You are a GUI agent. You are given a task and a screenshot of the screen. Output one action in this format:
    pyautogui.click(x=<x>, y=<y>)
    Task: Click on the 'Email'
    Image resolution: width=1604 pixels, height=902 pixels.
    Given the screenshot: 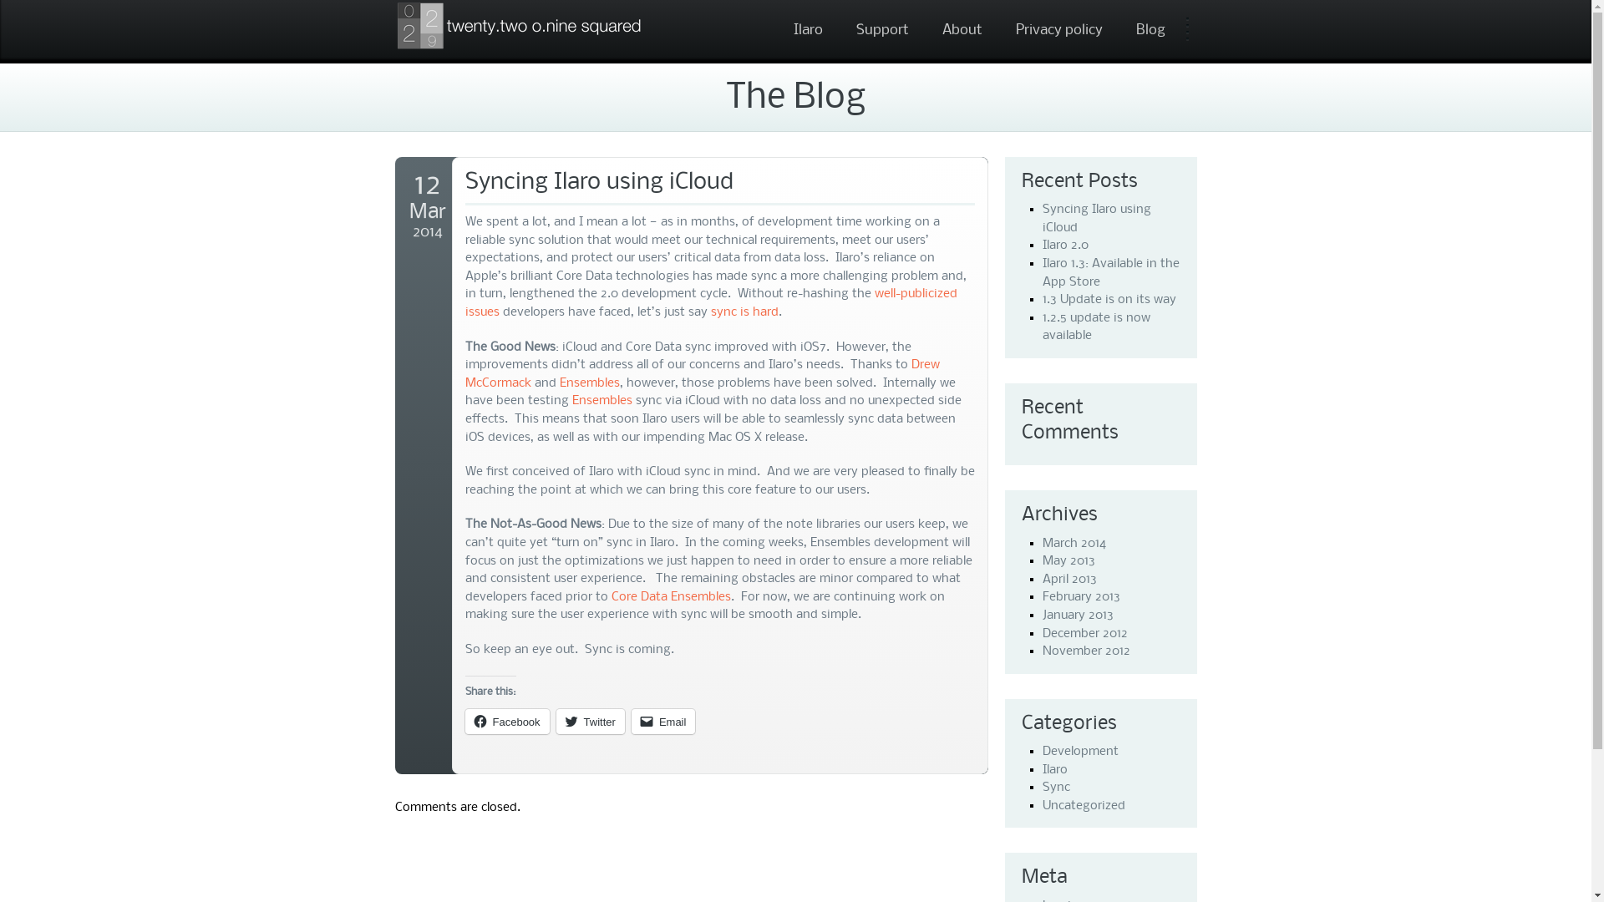 What is the action you would take?
    pyautogui.click(x=662, y=721)
    